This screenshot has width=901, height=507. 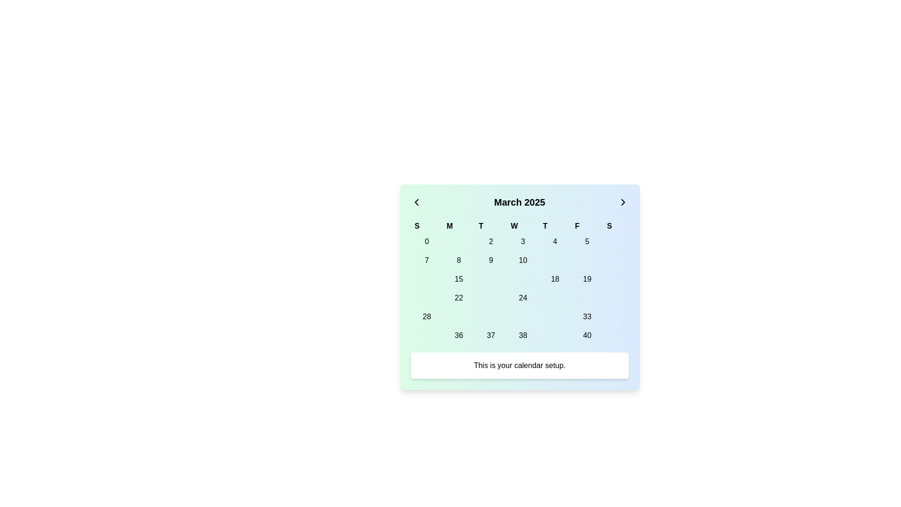 What do you see at coordinates (623, 202) in the screenshot?
I see `the rightward chevron icon located at the far right of the calendar header bar` at bounding box center [623, 202].